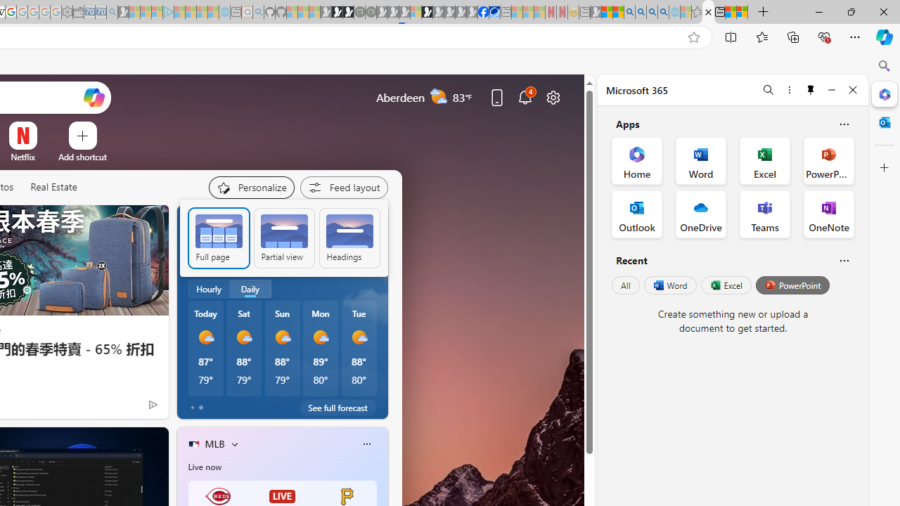 The image size is (900, 506). Describe the element at coordinates (636, 160) in the screenshot. I see `'Home Office App'` at that location.